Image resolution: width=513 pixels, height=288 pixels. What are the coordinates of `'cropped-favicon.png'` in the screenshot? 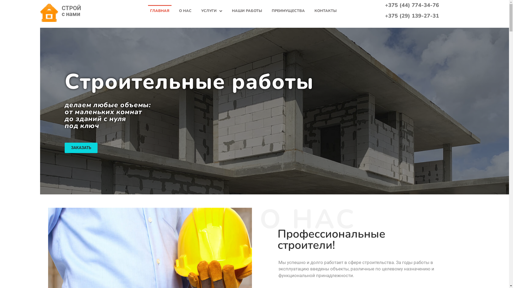 It's located at (49, 12).